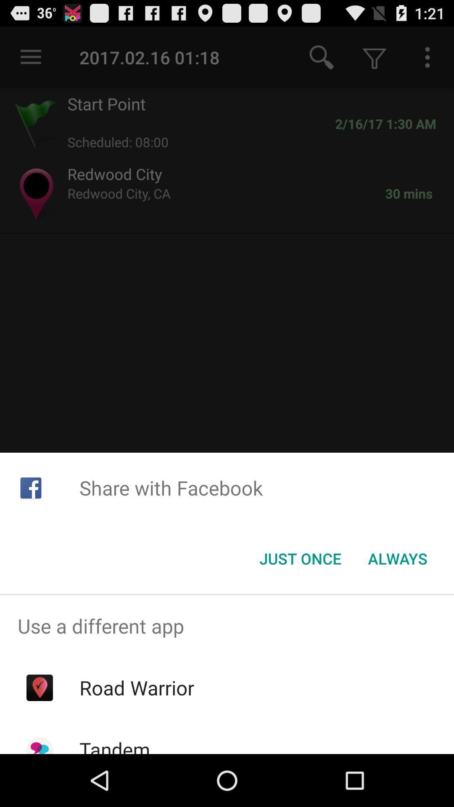 The width and height of the screenshot is (454, 807). Describe the element at coordinates (136, 688) in the screenshot. I see `icon above tandem app` at that location.